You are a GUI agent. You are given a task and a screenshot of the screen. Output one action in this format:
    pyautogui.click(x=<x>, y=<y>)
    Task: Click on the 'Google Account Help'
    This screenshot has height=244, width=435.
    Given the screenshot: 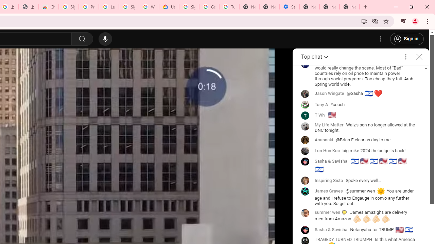 What is the action you would take?
    pyautogui.click(x=209, y=7)
    